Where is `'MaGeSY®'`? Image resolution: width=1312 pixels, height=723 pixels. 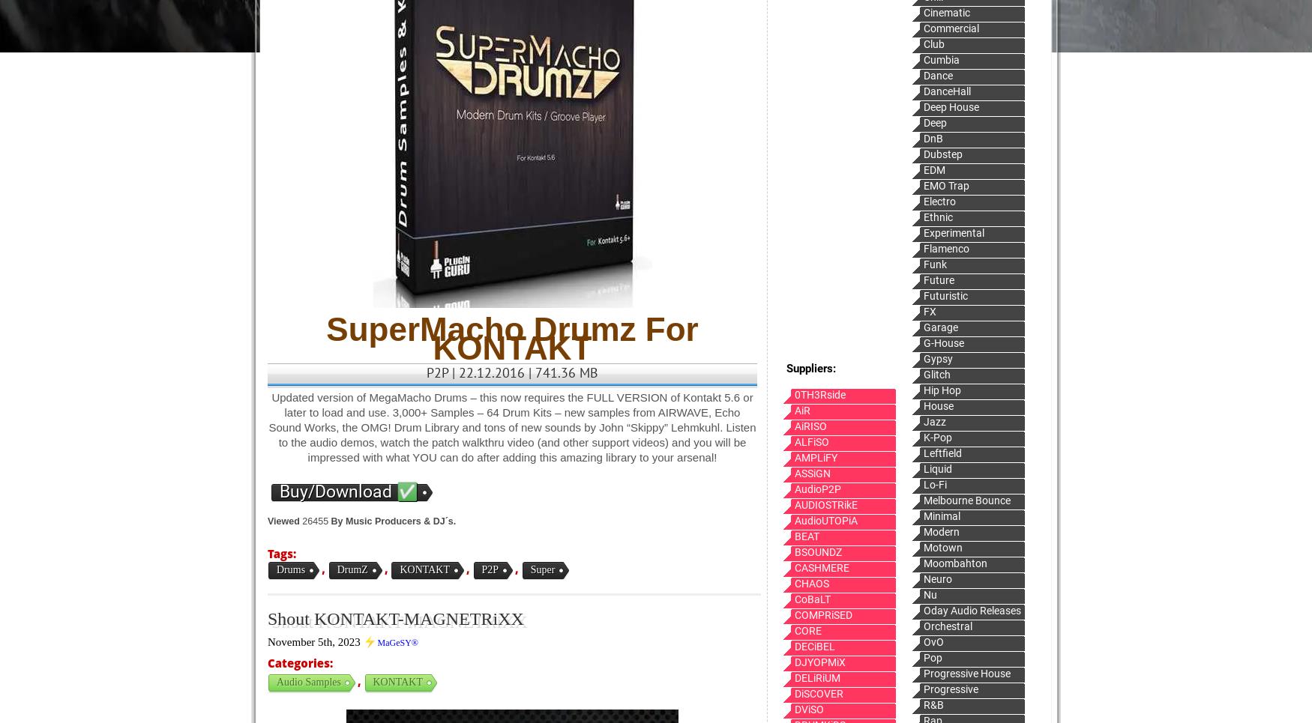
'MaGeSY®' is located at coordinates (397, 642).